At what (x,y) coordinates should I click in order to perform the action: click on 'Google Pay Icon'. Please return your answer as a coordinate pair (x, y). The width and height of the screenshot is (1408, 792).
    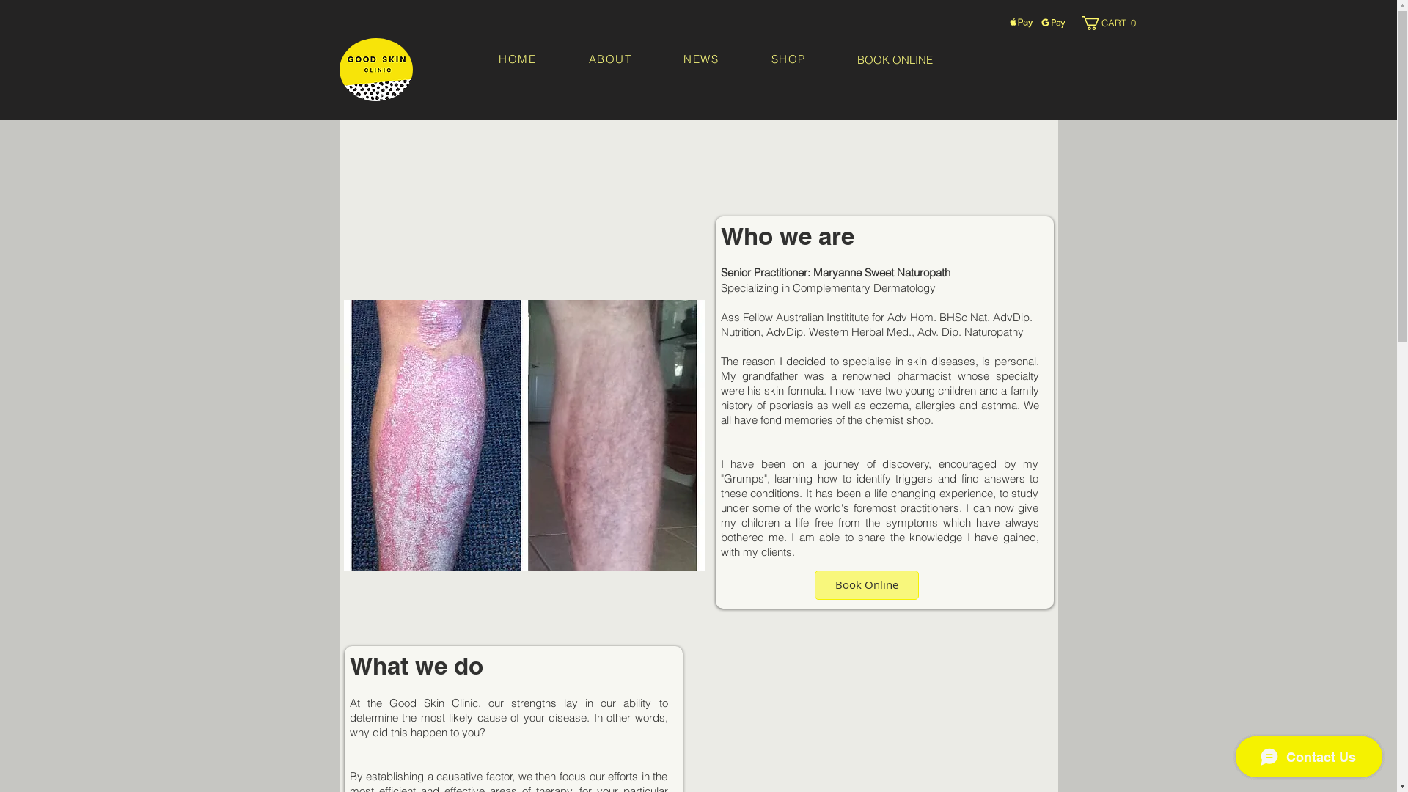
    Looking at the image, I should click on (1045, 19).